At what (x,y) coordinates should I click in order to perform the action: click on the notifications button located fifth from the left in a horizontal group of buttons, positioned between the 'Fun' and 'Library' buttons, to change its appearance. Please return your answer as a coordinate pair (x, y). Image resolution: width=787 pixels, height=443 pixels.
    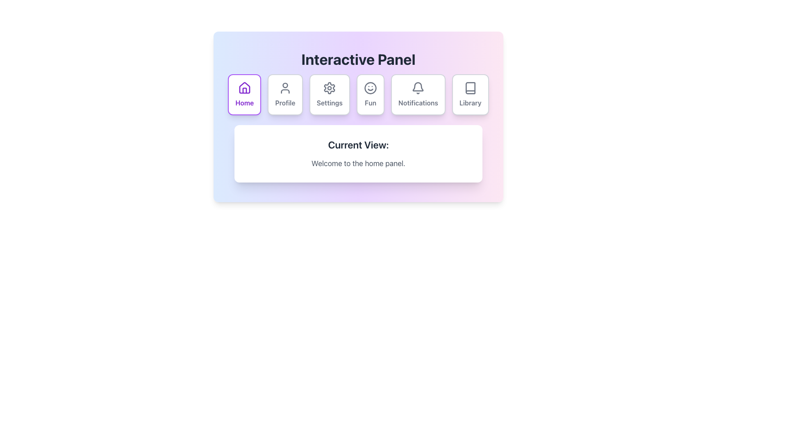
    Looking at the image, I should click on (418, 94).